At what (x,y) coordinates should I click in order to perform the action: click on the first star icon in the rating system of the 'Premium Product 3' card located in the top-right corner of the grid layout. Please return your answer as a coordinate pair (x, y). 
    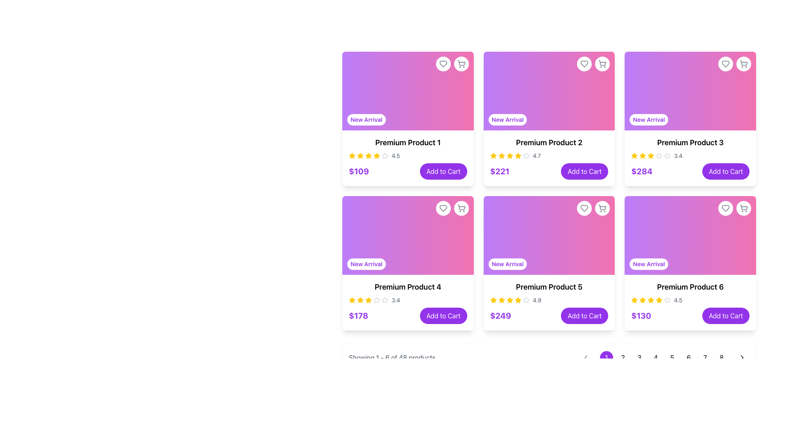
    Looking at the image, I should click on (634, 156).